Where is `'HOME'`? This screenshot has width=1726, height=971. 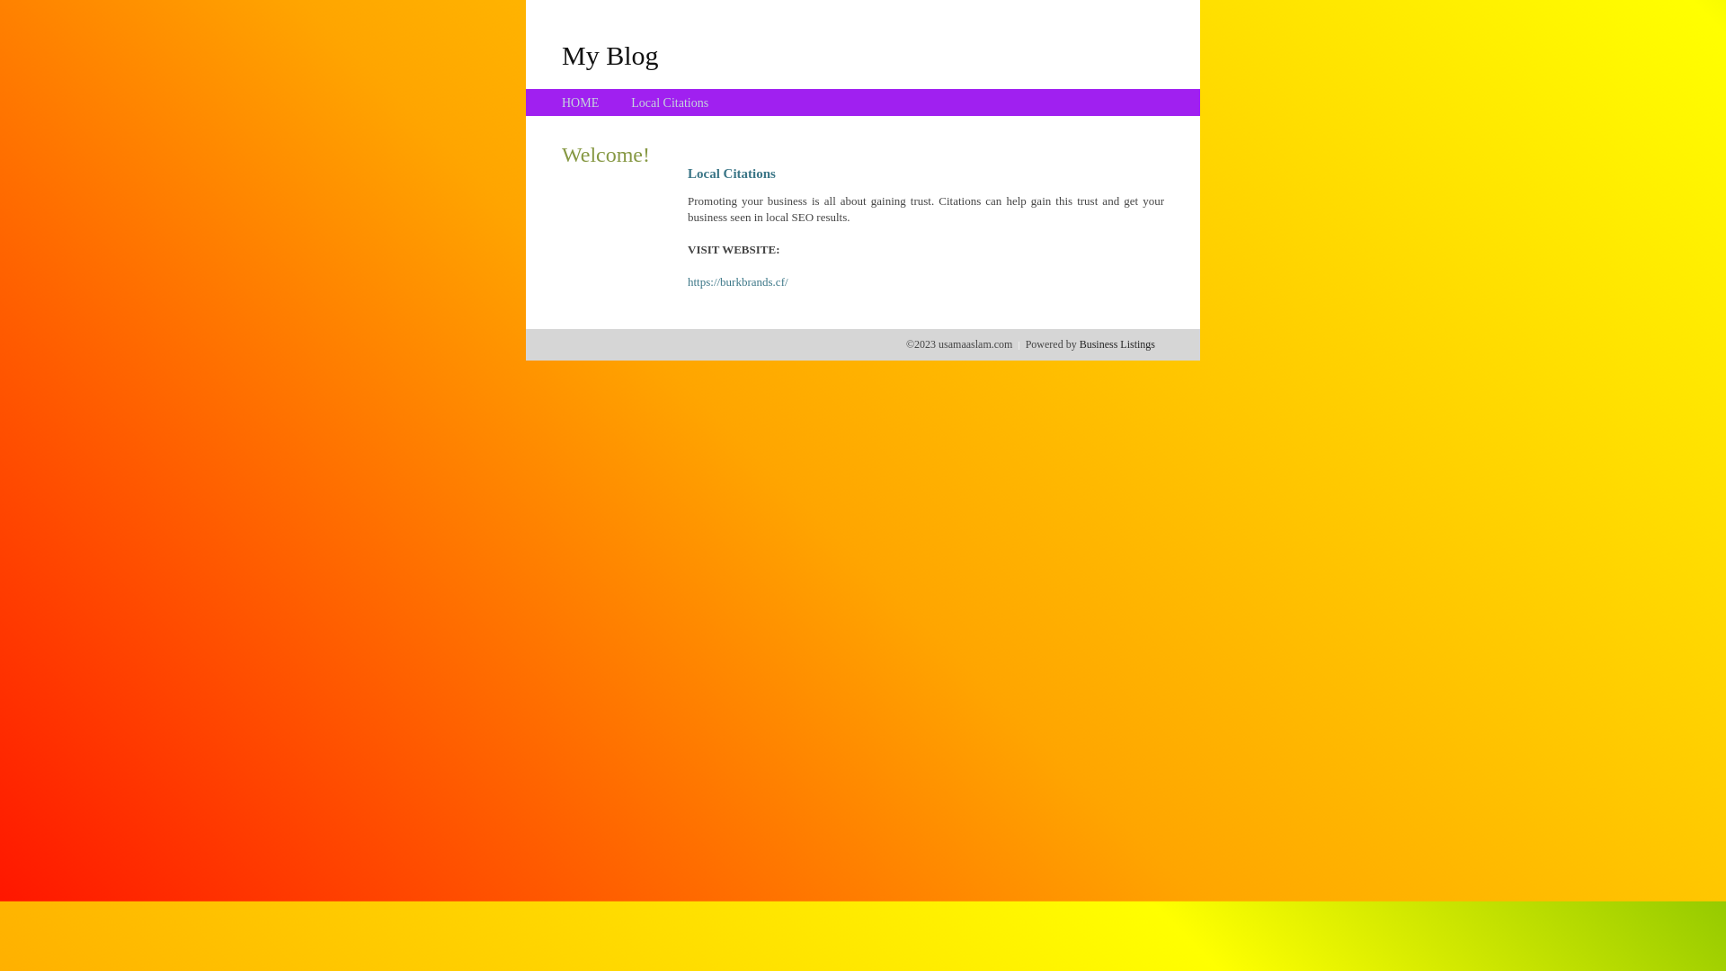
'HOME' is located at coordinates (580, 102).